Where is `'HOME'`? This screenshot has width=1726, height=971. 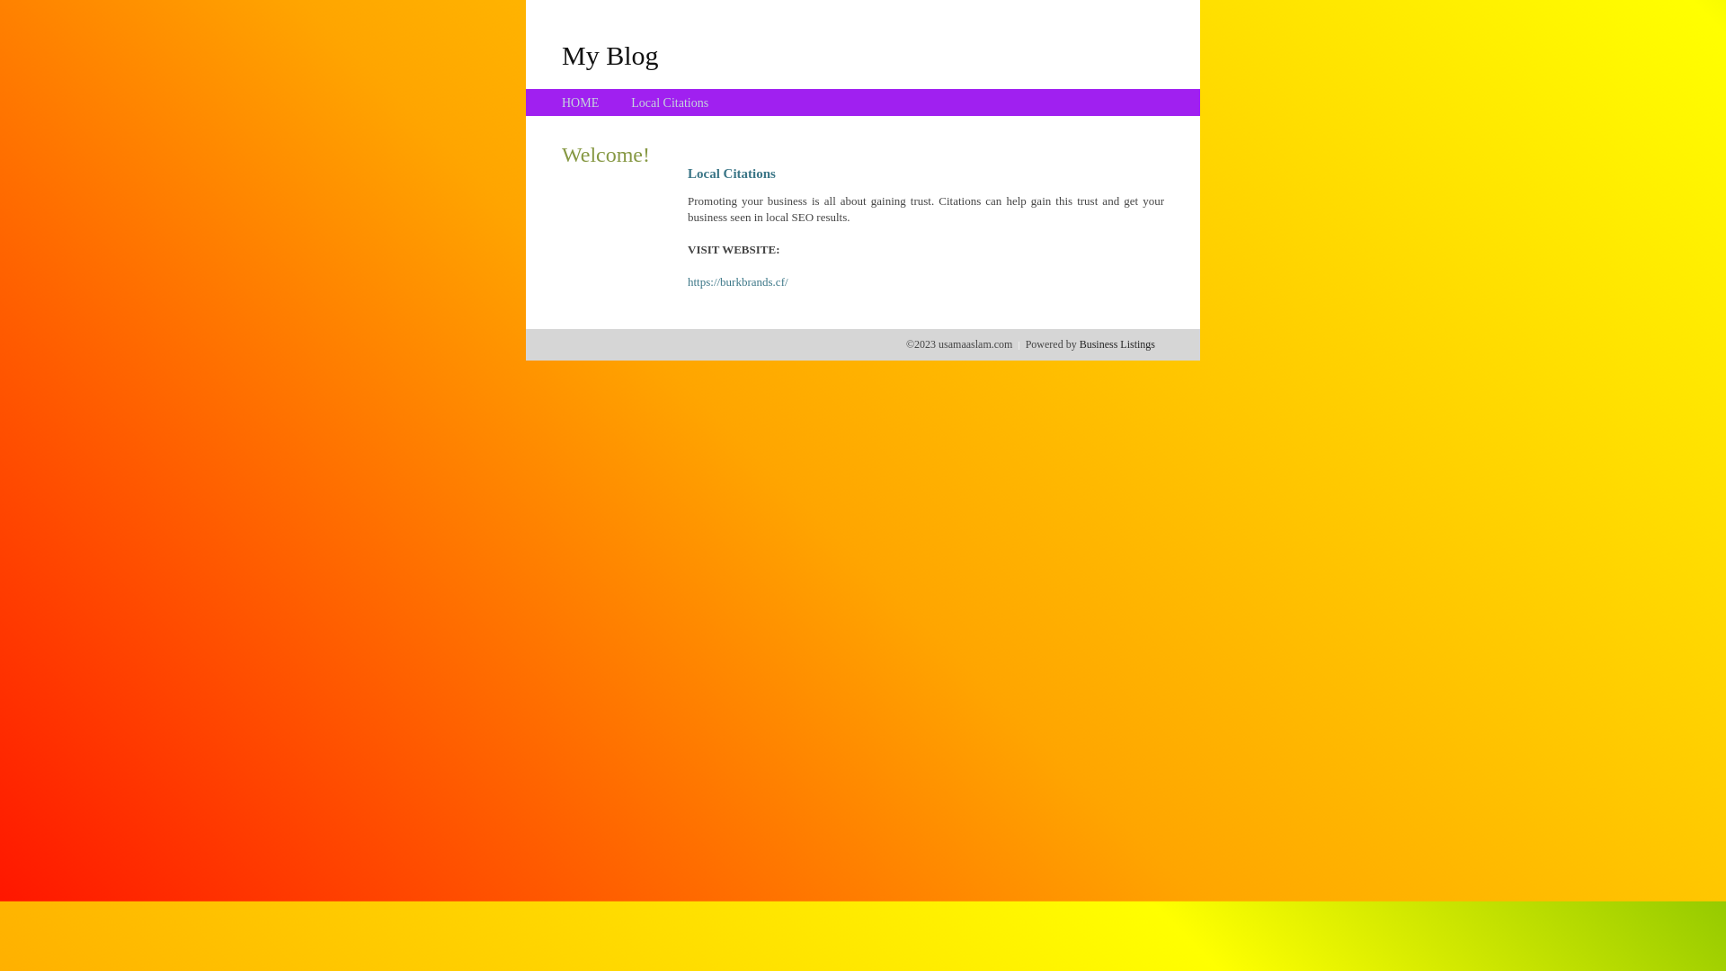
'HOME' is located at coordinates (580, 102).